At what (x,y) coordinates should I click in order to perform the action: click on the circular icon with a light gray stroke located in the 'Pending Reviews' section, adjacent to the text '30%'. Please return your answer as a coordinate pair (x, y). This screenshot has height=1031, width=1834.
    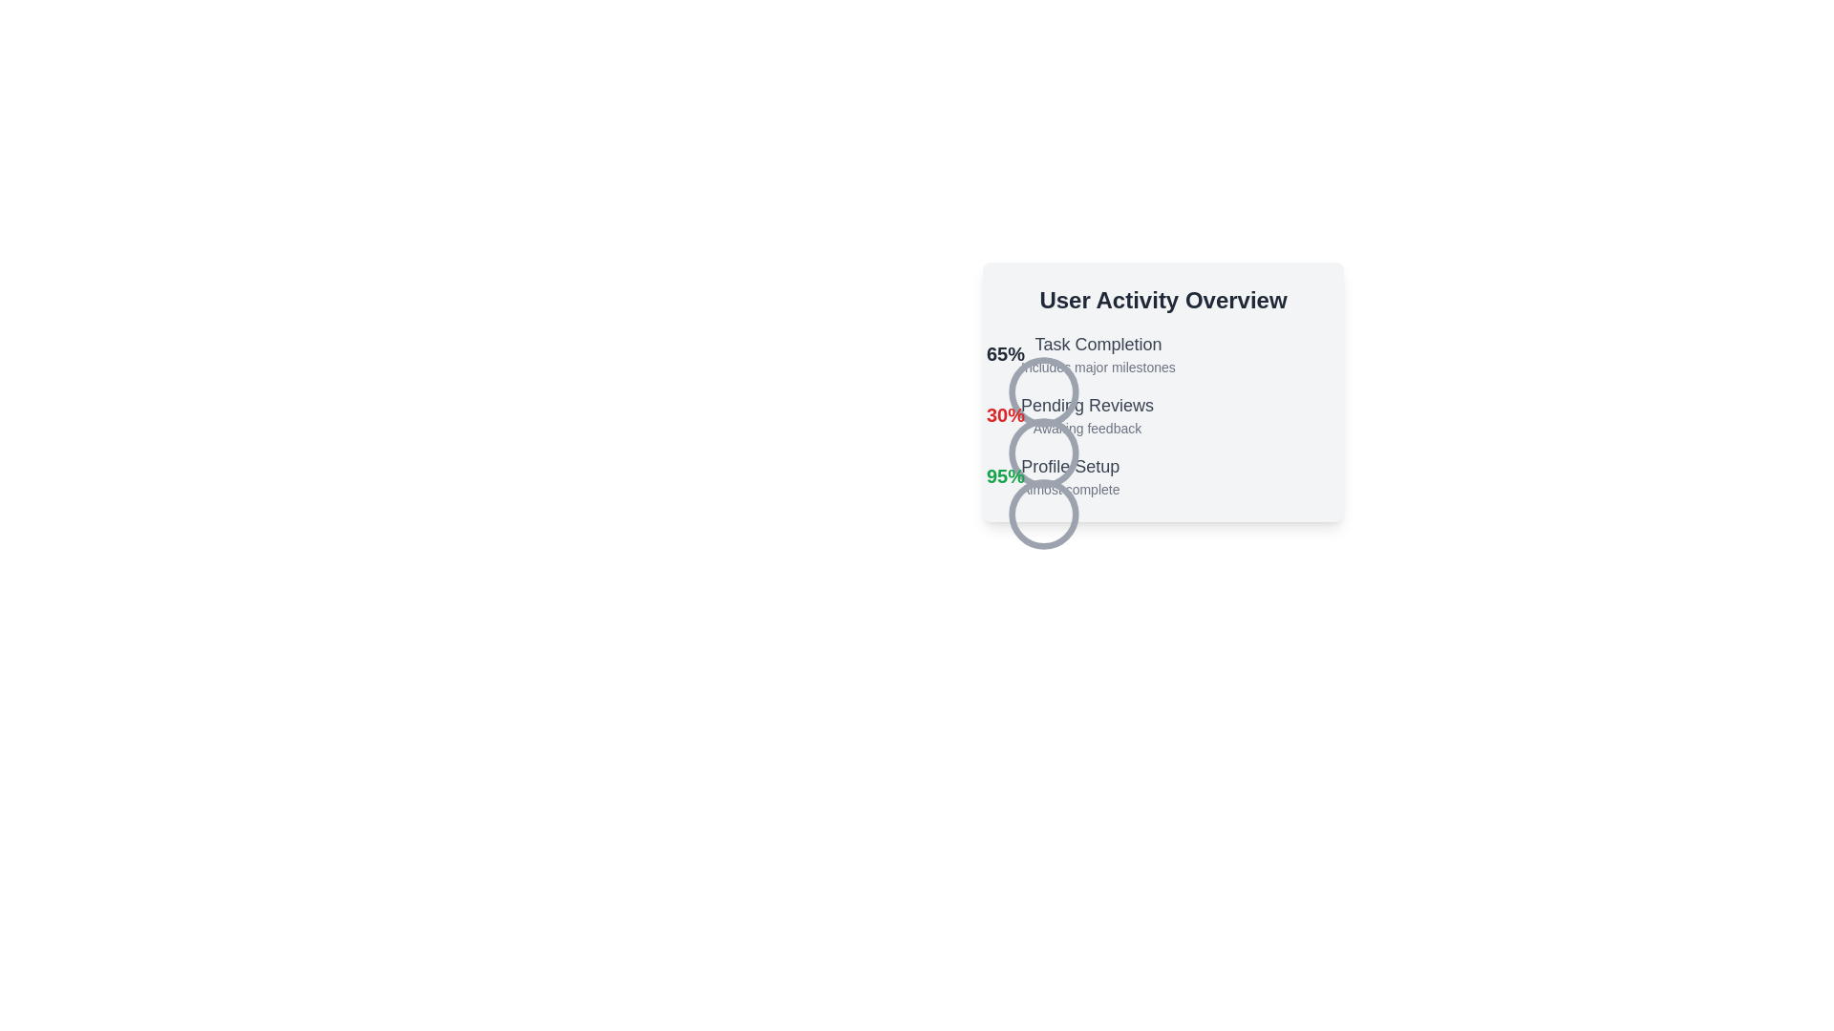
    Looking at the image, I should click on (1043, 391).